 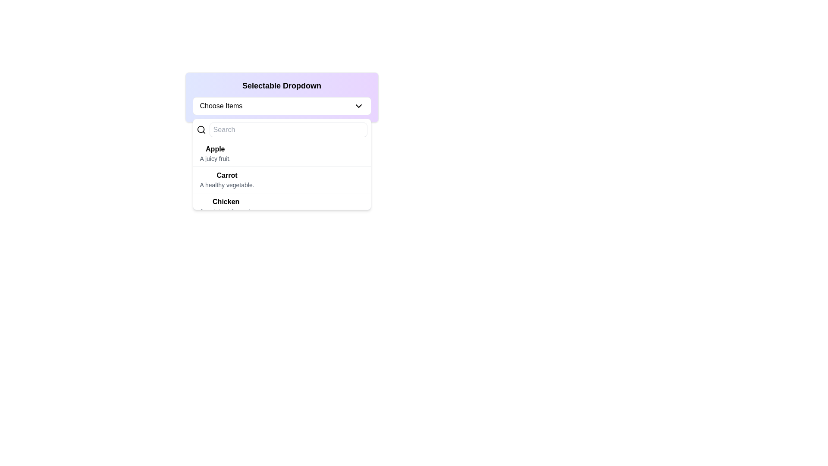 What do you see at coordinates (282, 206) in the screenshot?
I see `the list item displaying 'Chicken' in the dropdown menu` at bounding box center [282, 206].